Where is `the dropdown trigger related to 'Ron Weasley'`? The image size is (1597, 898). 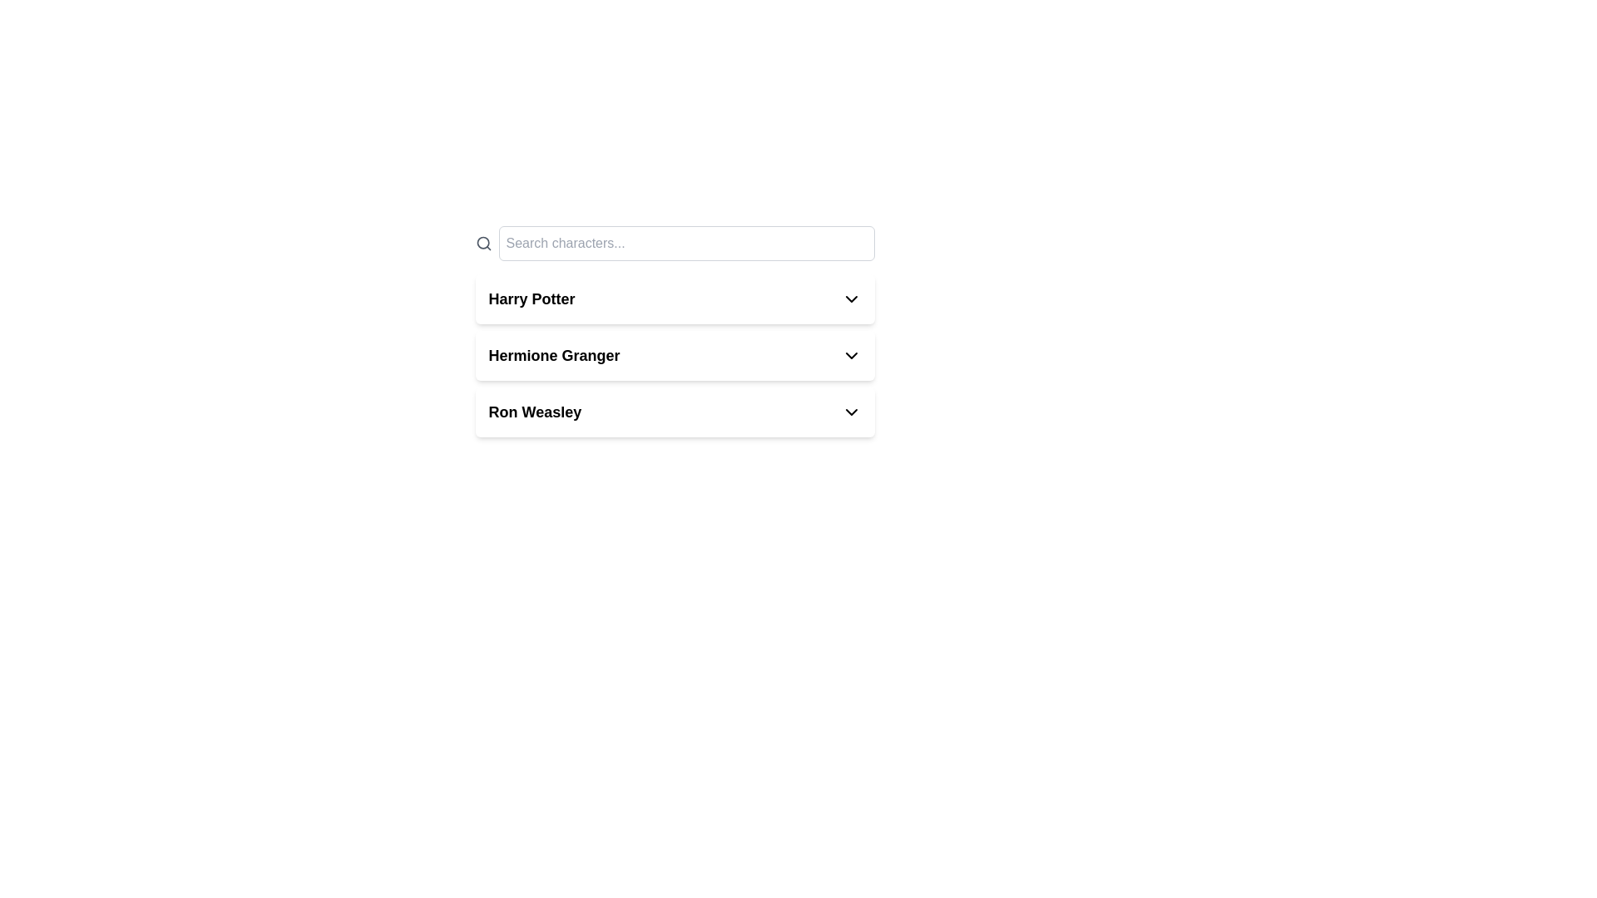
the dropdown trigger related to 'Ron Weasley' is located at coordinates (675, 412).